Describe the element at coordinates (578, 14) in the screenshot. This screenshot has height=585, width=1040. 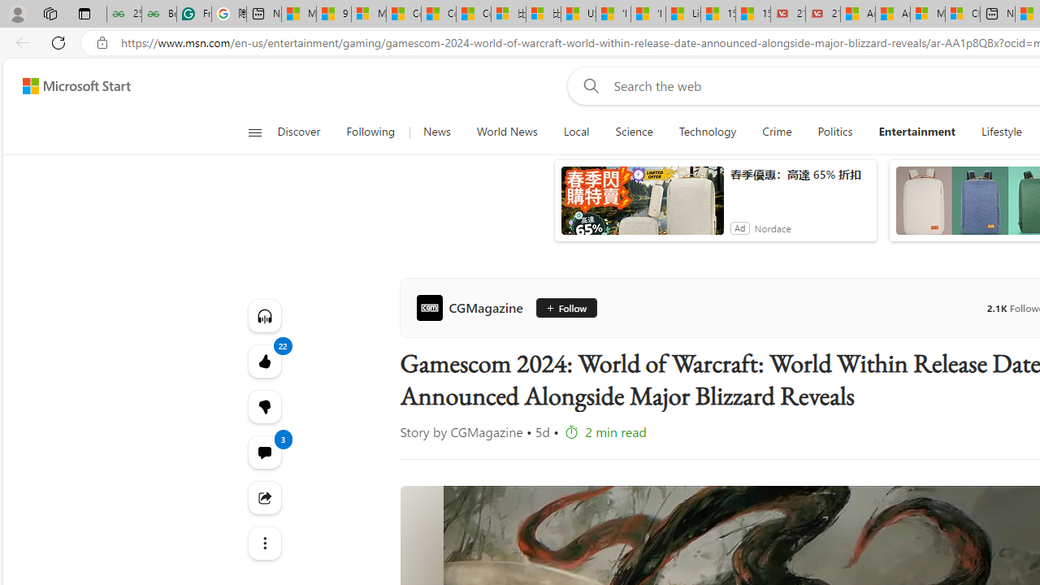
I see `'USA TODAY - MSN'` at that location.